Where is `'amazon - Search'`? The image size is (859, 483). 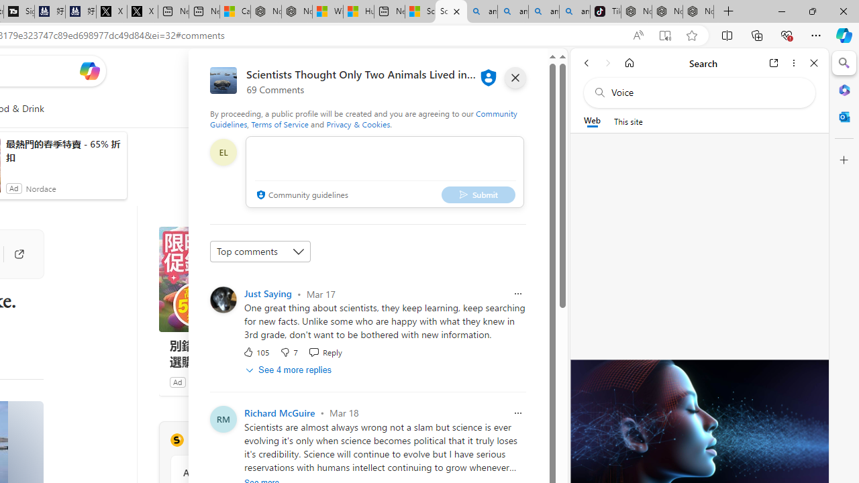
'amazon - Search' is located at coordinates (512, 11).